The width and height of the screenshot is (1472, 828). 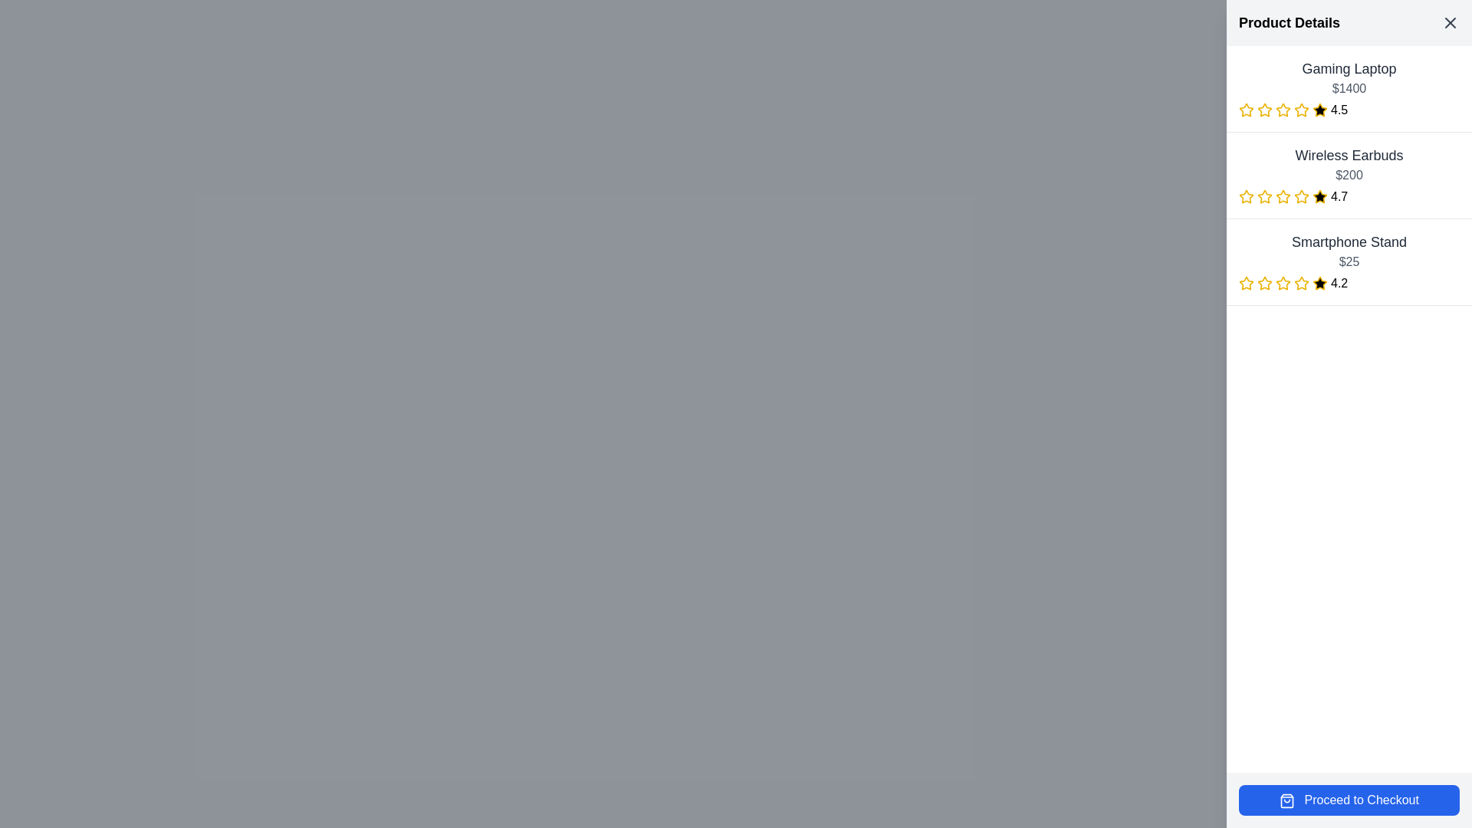 What do you see at coordinates (1301, 284) in the screenshot?
I see `the 5th star in the horizontal sequence of rating stars for the 'Smartphone Stand' product in the 'Product Details' section` at bounding box center [1301, 284].